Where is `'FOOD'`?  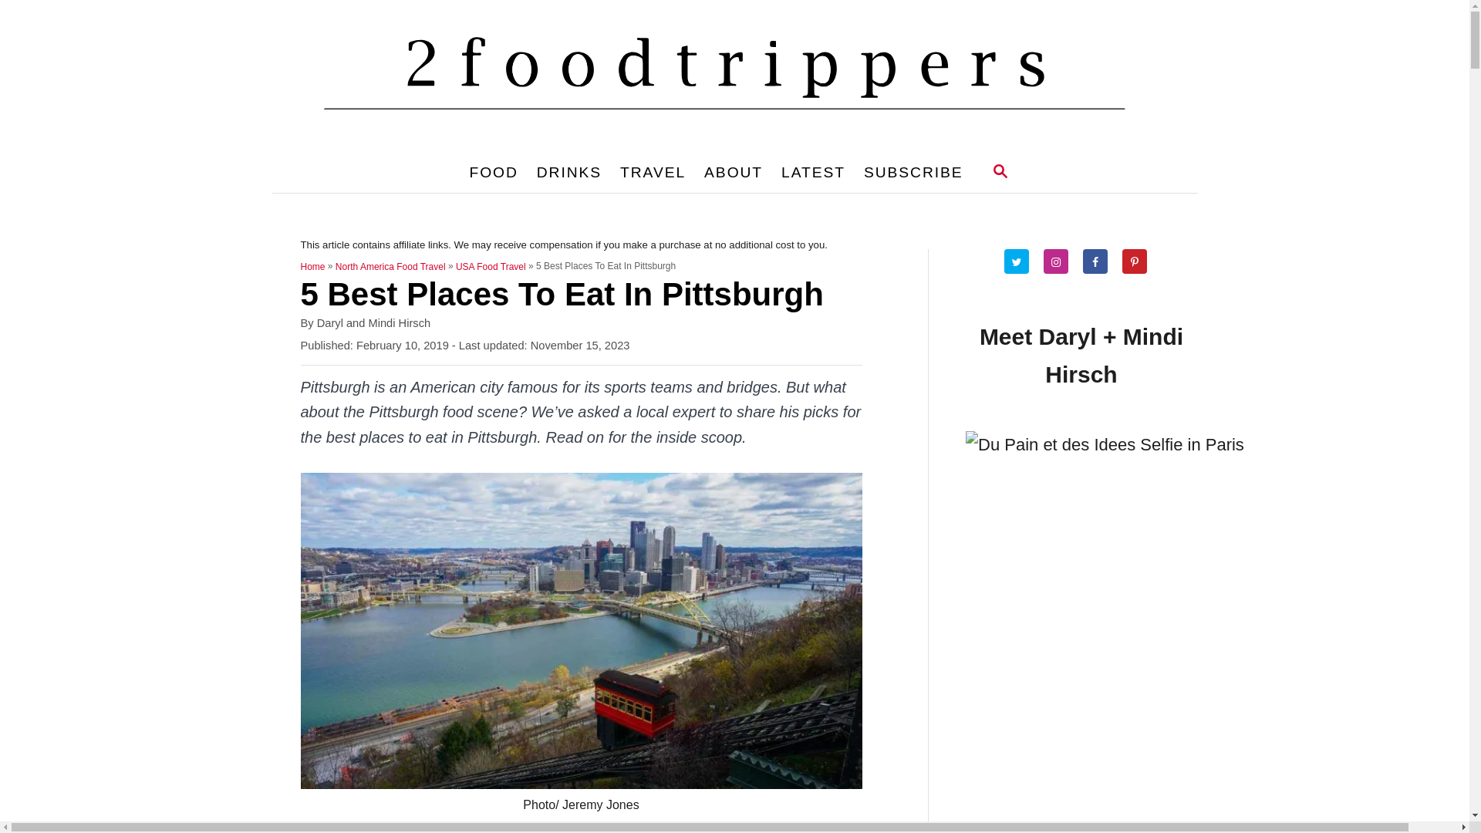
'FOOD' is located at coordinates (492, 172).